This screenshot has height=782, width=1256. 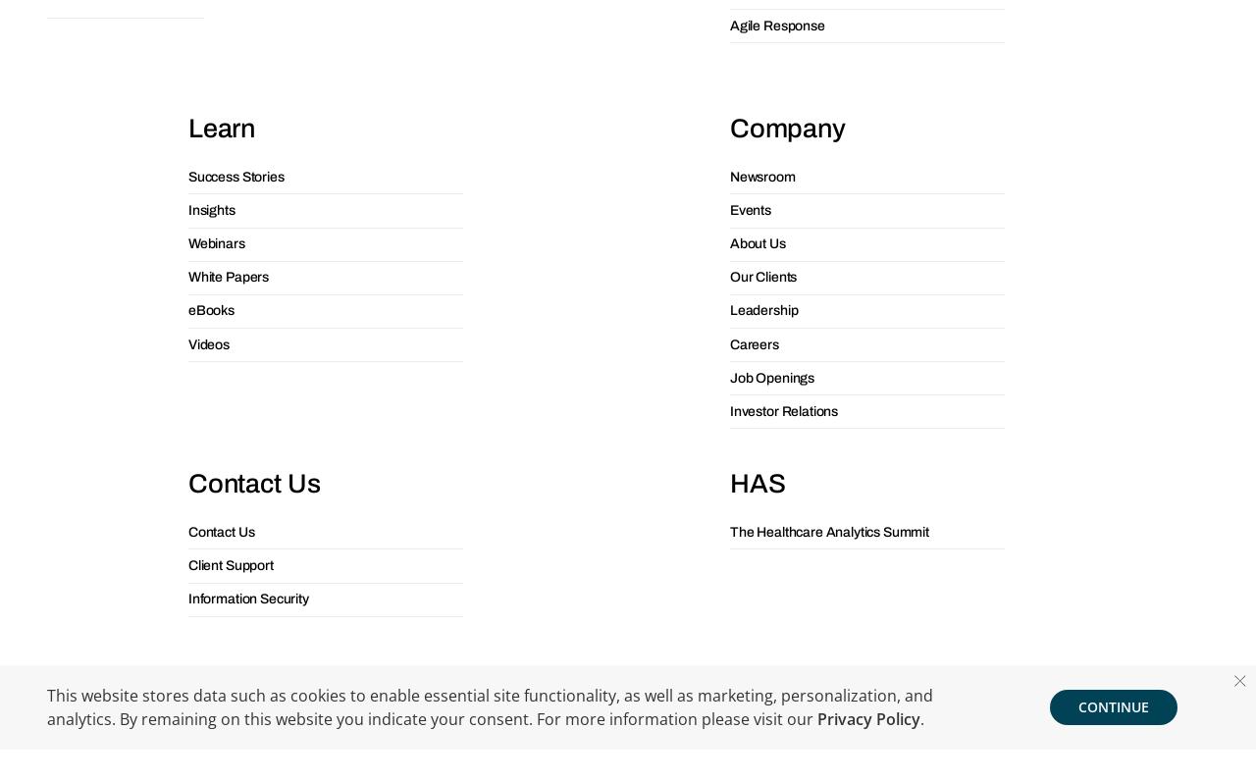 What do you see at coordinates (628, 388) in the screenshot?
I see `'© 2023 Health Catalyst. All rights reserved'` at bounding box center [628, 388].